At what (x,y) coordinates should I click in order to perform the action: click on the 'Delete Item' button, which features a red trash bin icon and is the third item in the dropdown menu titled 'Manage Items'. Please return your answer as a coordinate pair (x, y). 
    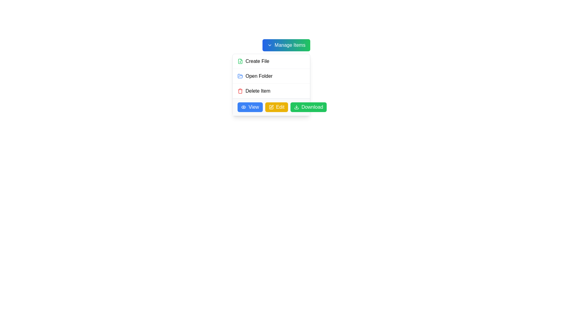
    Looking at the image, I should click on (271, 91).